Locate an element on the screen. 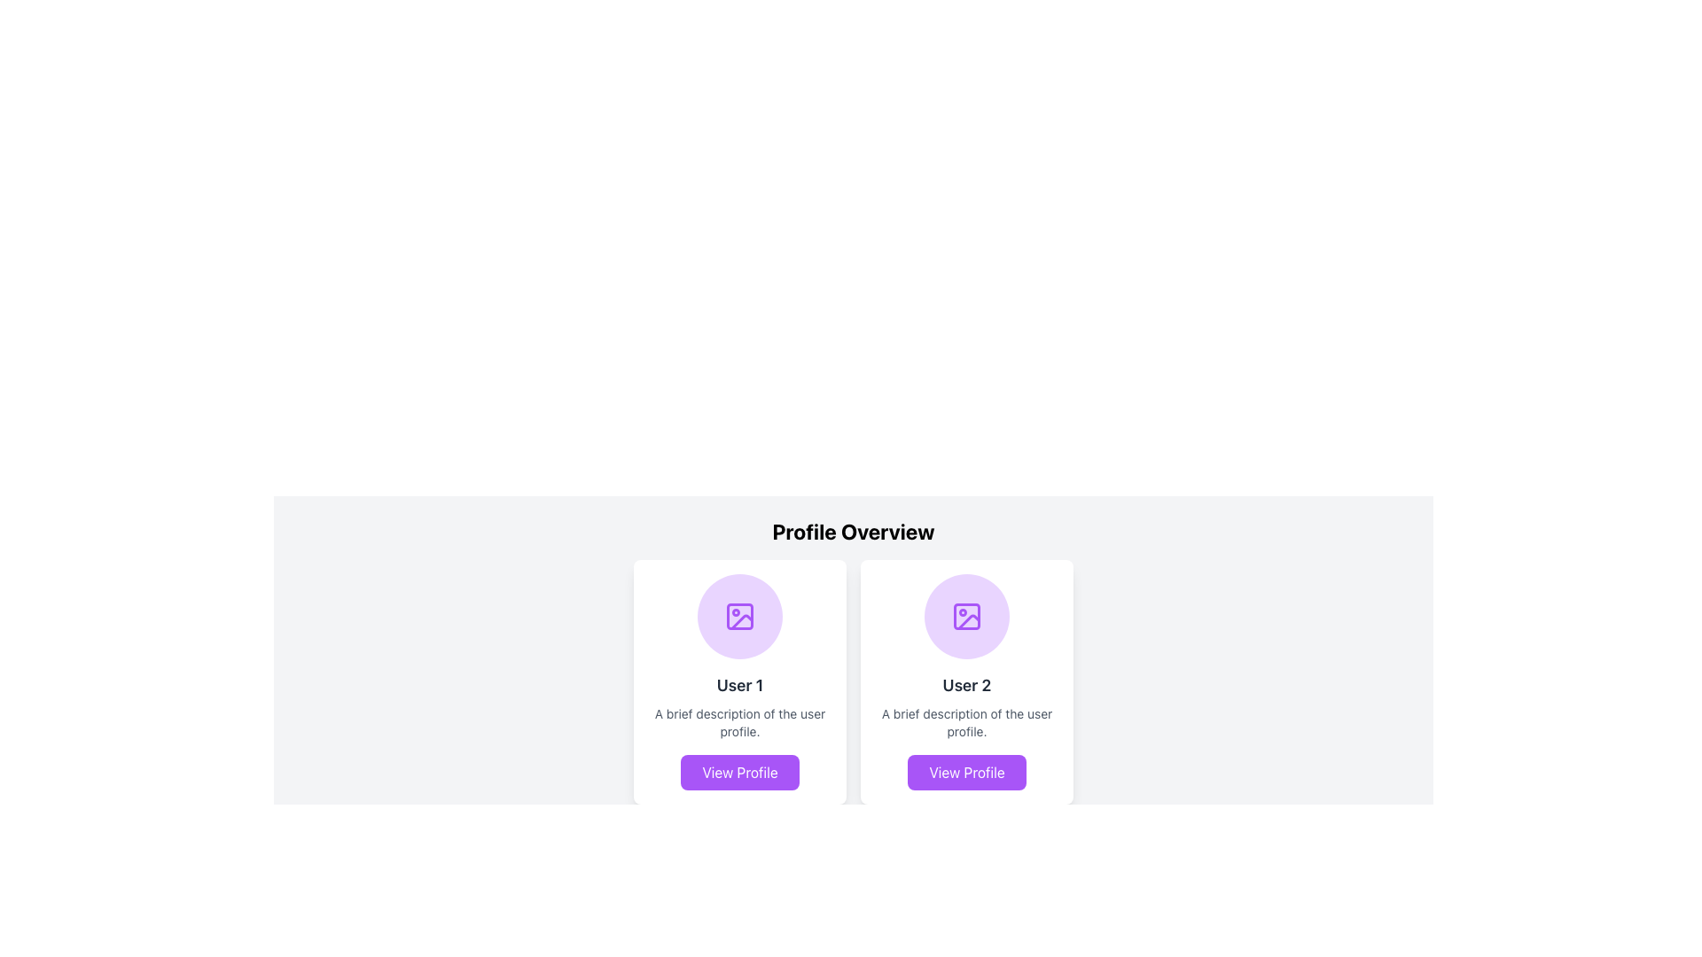 The image size is (1702, 957). the button at the bottom of the card component representing 'User 2' is located at coordinates (965, 771).